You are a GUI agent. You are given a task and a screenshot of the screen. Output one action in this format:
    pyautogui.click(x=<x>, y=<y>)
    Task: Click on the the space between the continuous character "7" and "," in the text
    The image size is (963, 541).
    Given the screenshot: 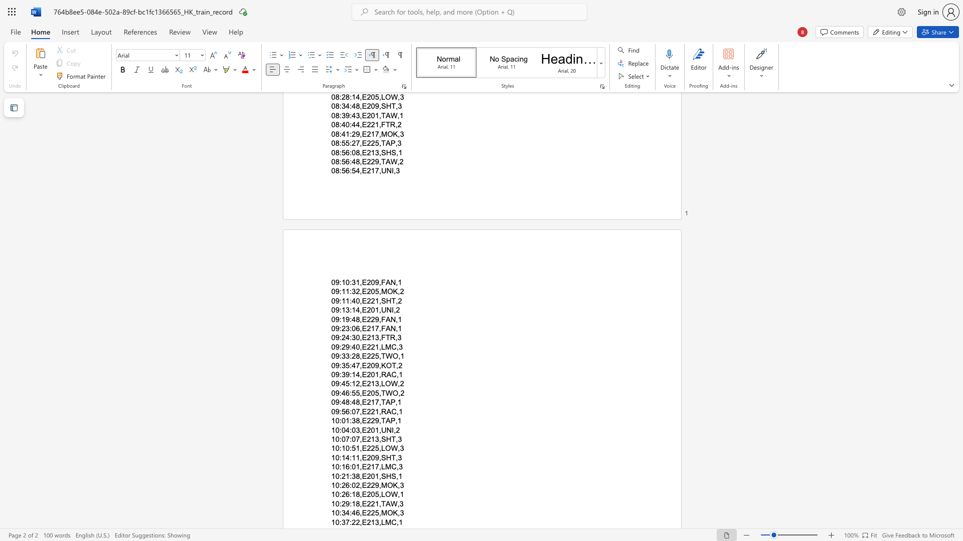 What is the action you would take?
    pyautogui.click(x=359, y=411)
    